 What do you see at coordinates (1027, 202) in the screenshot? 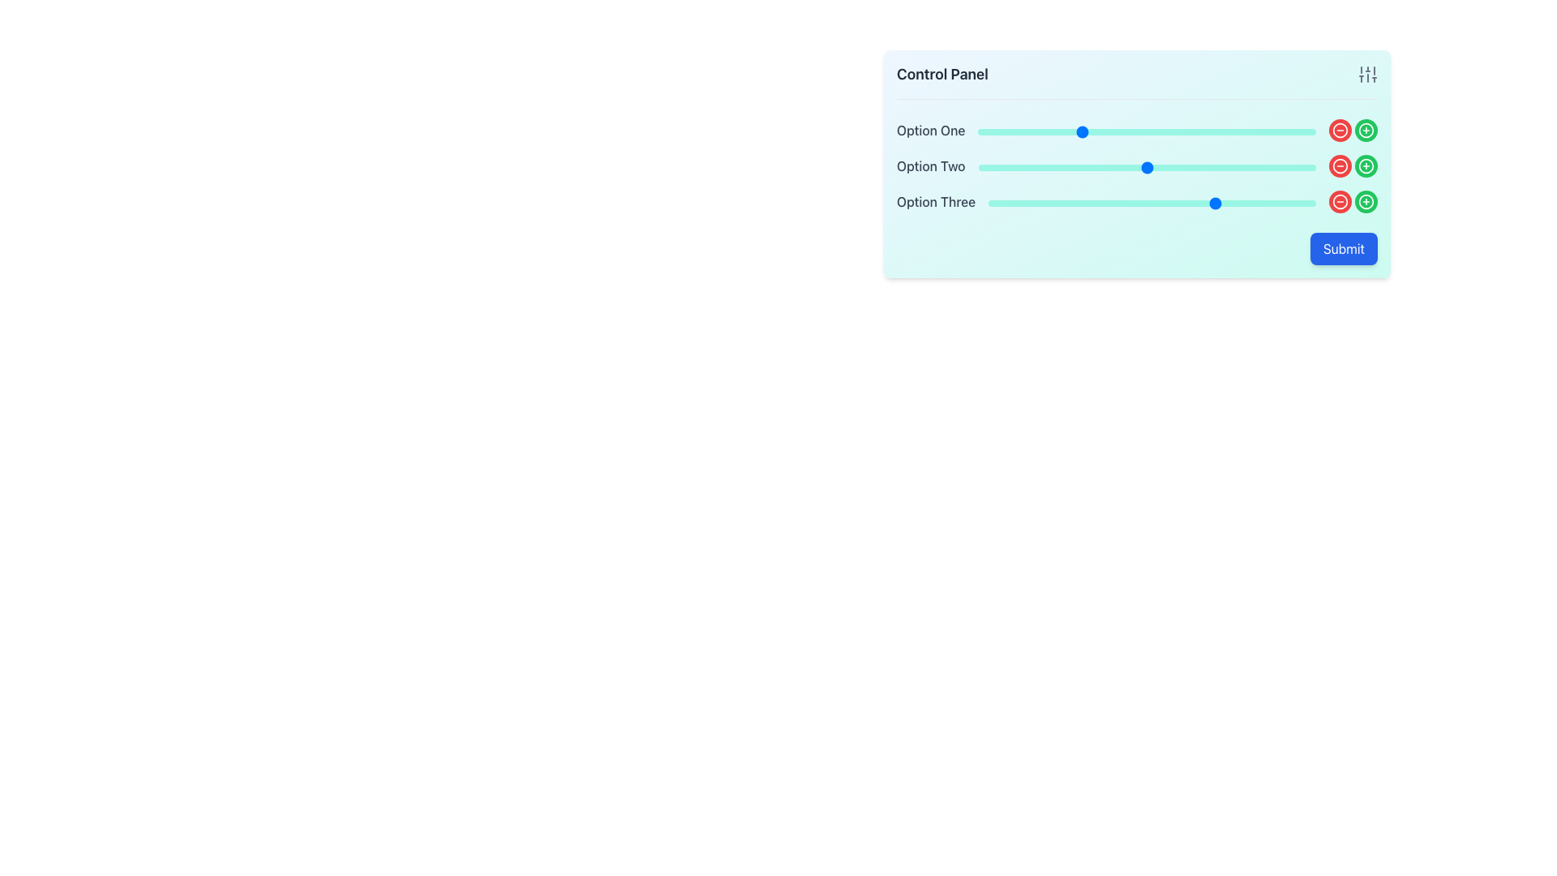
I see `the slider value` at bounding box center [1027, 202].